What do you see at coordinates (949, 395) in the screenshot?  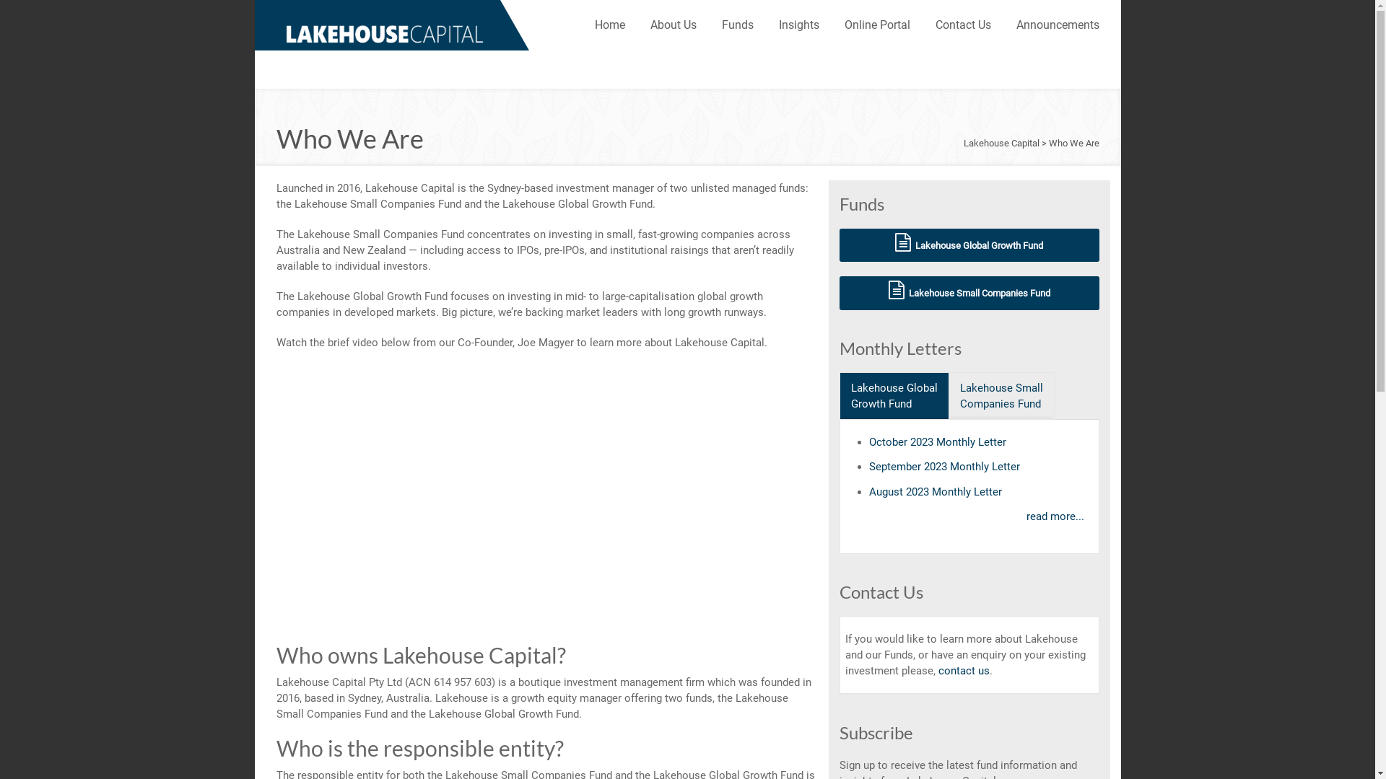 I see `'Lakehouse Small` at bounding box center [949, 395].